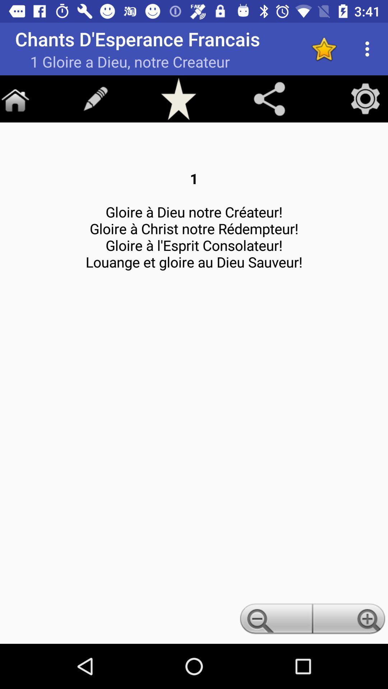 The image size is (388, 689). Describe the element at coordinates (178, 98) in the screenshot. I see `the star icon` at that location.